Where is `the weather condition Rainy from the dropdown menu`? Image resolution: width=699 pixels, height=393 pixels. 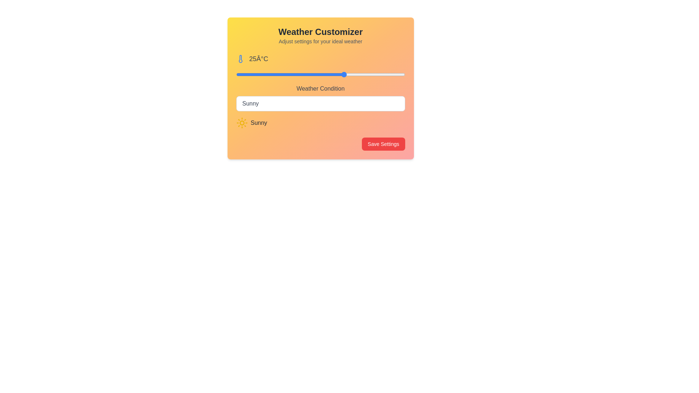 the weather condition Rainy from the dropdown menu is located at coordinates (320, 104).